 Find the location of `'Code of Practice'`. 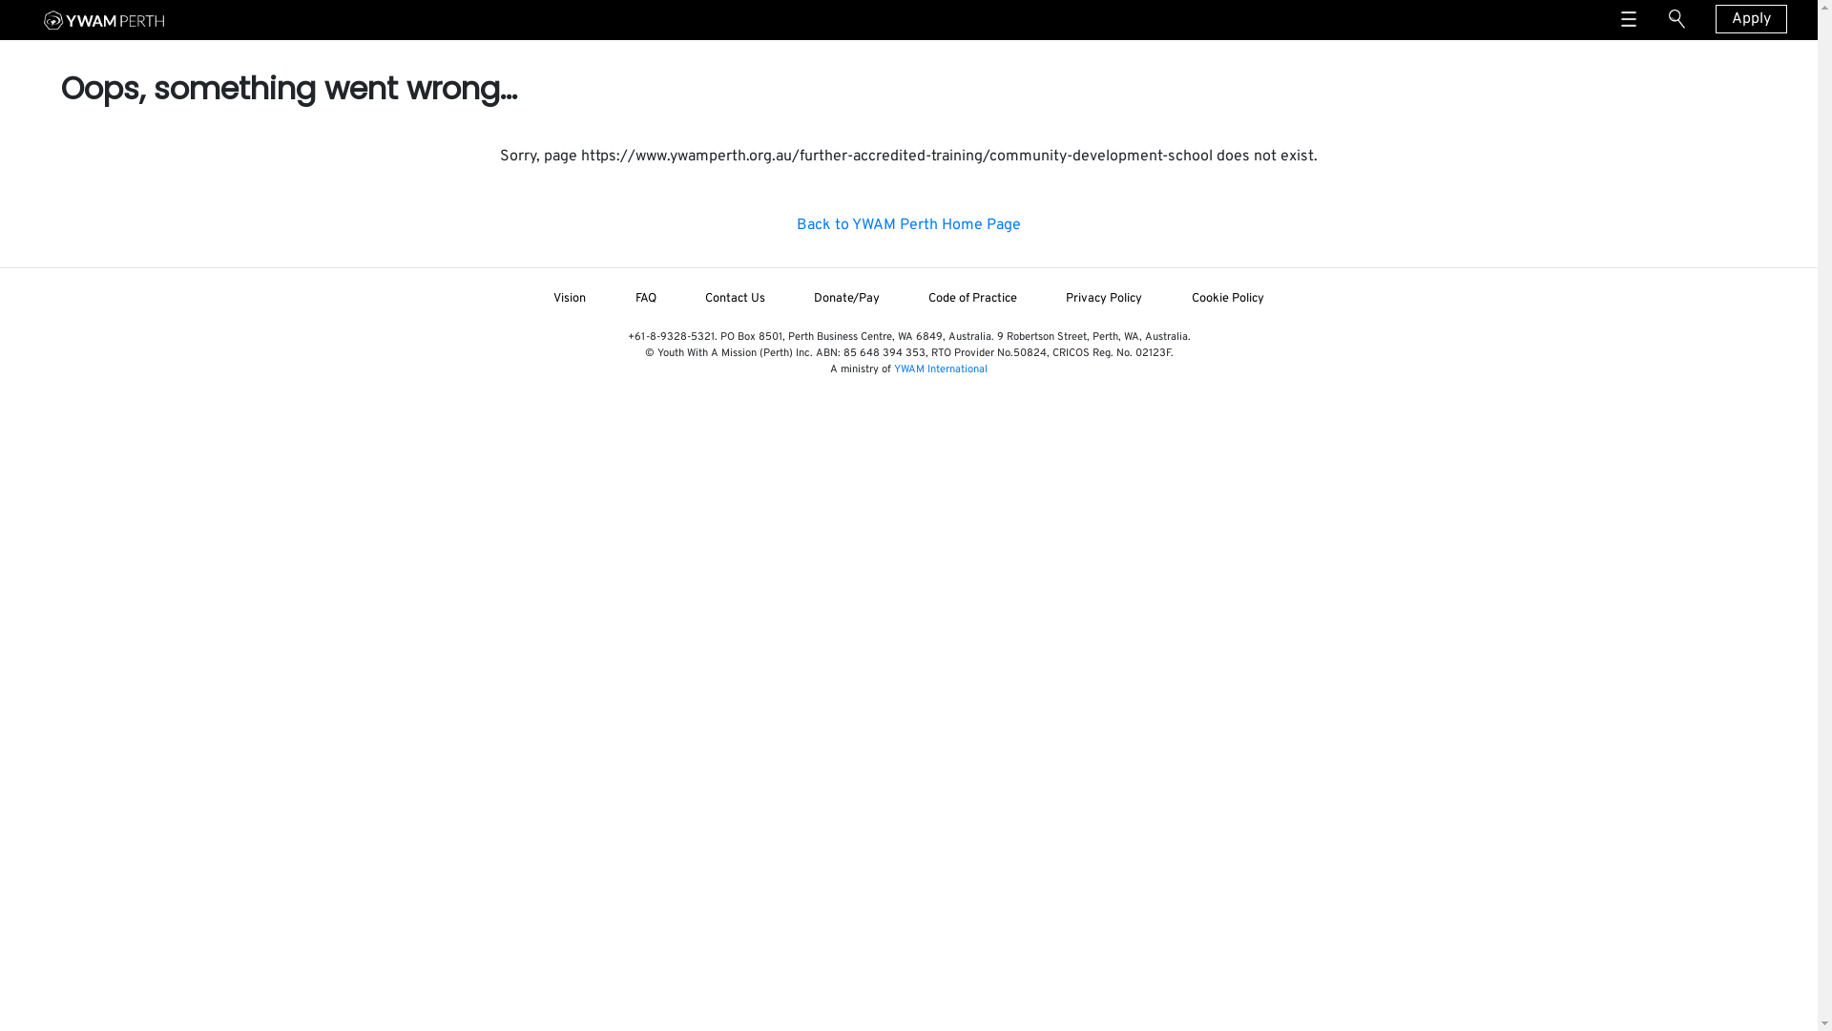

'Code of Practice' is located at coordinates (972, 298).